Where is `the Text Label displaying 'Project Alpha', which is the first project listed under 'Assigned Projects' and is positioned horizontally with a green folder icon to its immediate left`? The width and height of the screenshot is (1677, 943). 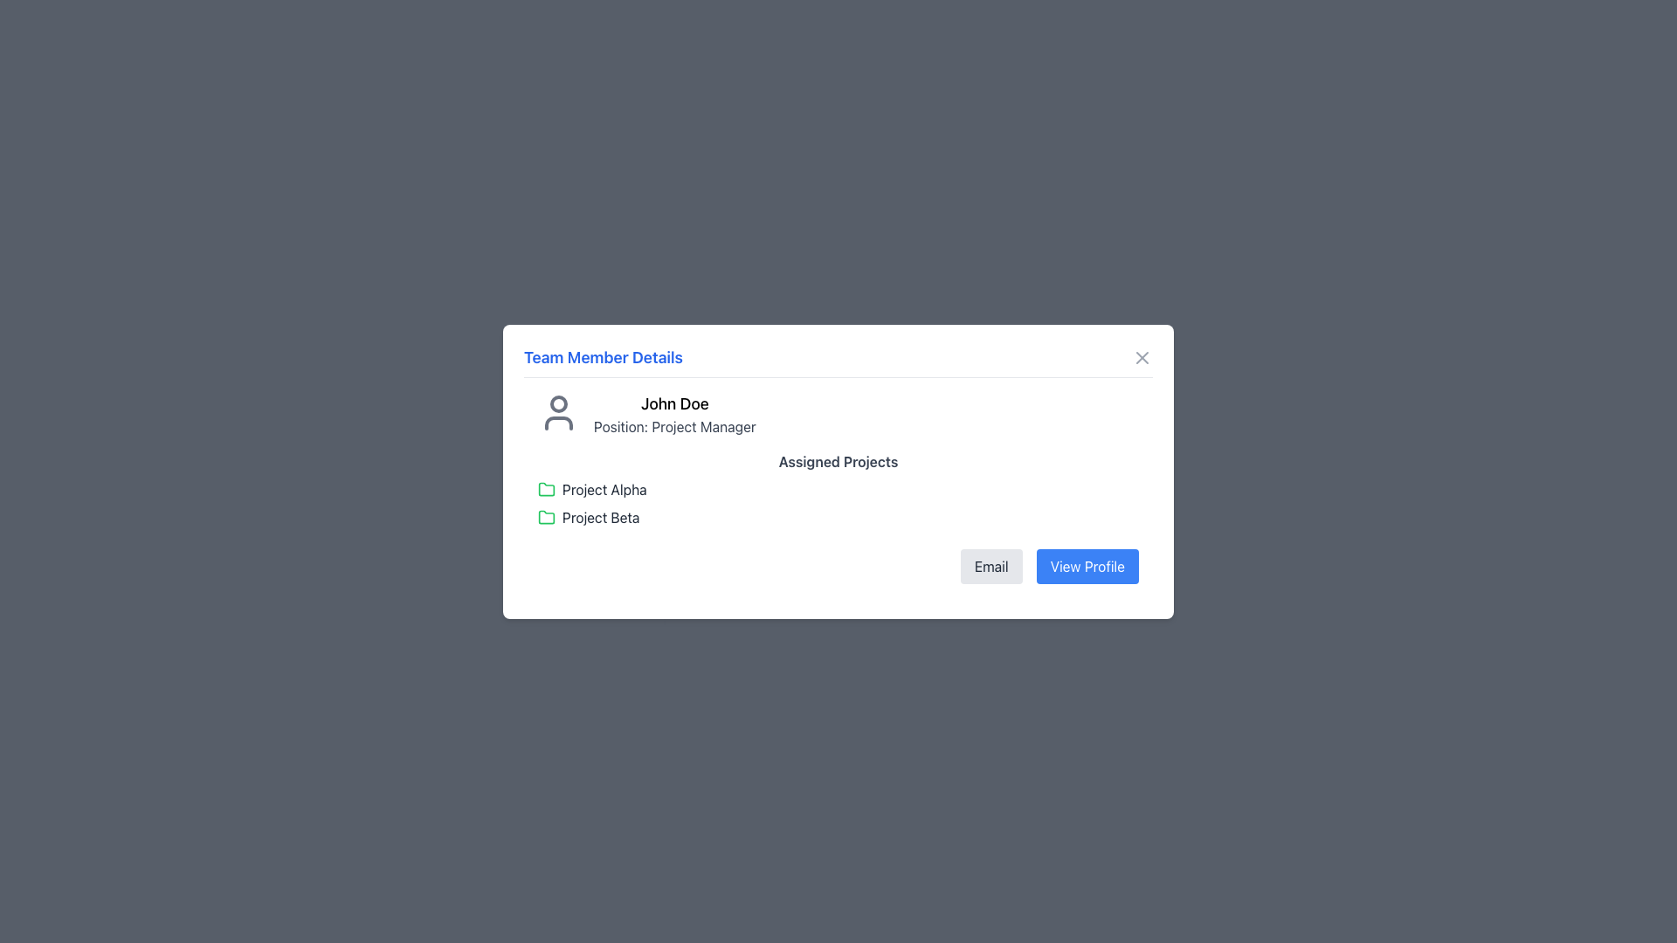 the Text Label displaying 'Project Alpha', which is the first project listed under 'Assigned Projects' and is positioned horizontally with a green folder icon to its immediate left is located at coordinates (604, 489).